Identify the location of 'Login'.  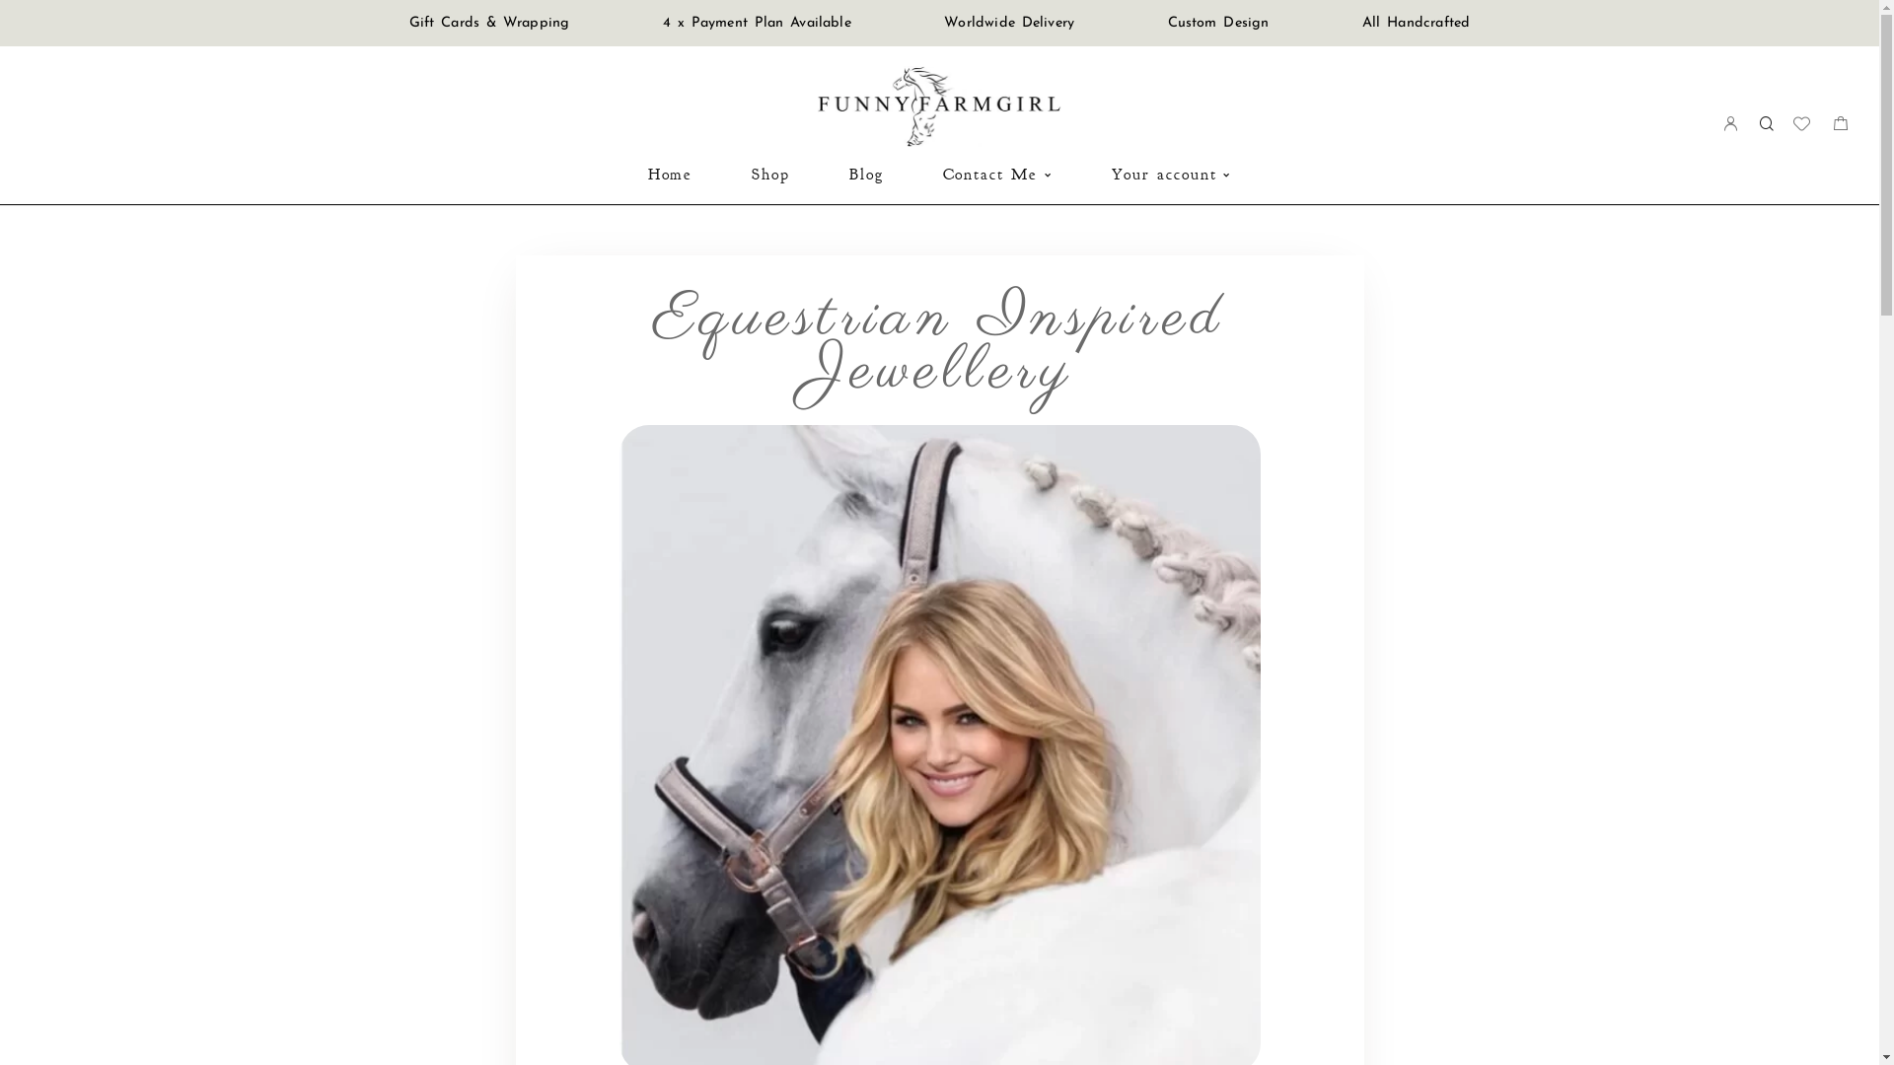
(1712, 124).